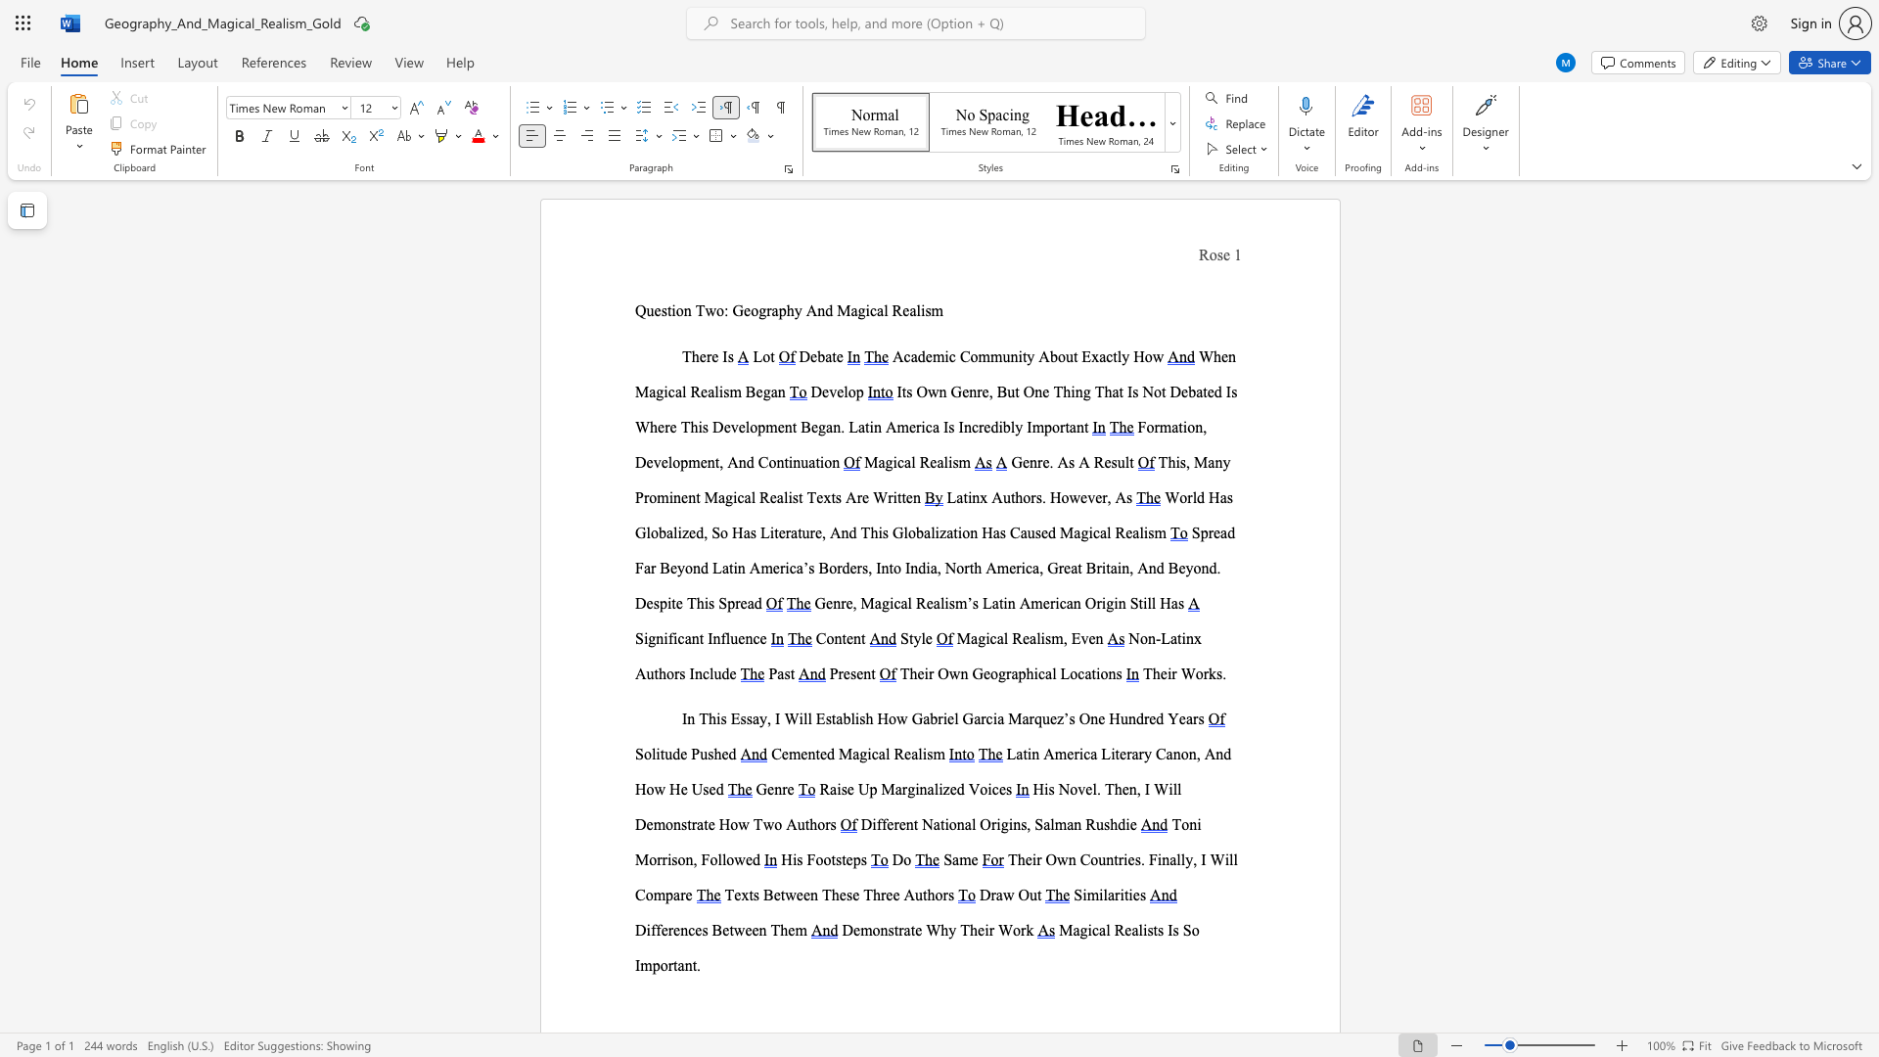 The height and width of the screenshot is (1057, 1879). What do you see at coordinates (1166, 753) in the screenshot?
I see `the subset text "anon" within the text "Latin America Literary Canon, And How He Used"` at bounding box center [1166, 753].